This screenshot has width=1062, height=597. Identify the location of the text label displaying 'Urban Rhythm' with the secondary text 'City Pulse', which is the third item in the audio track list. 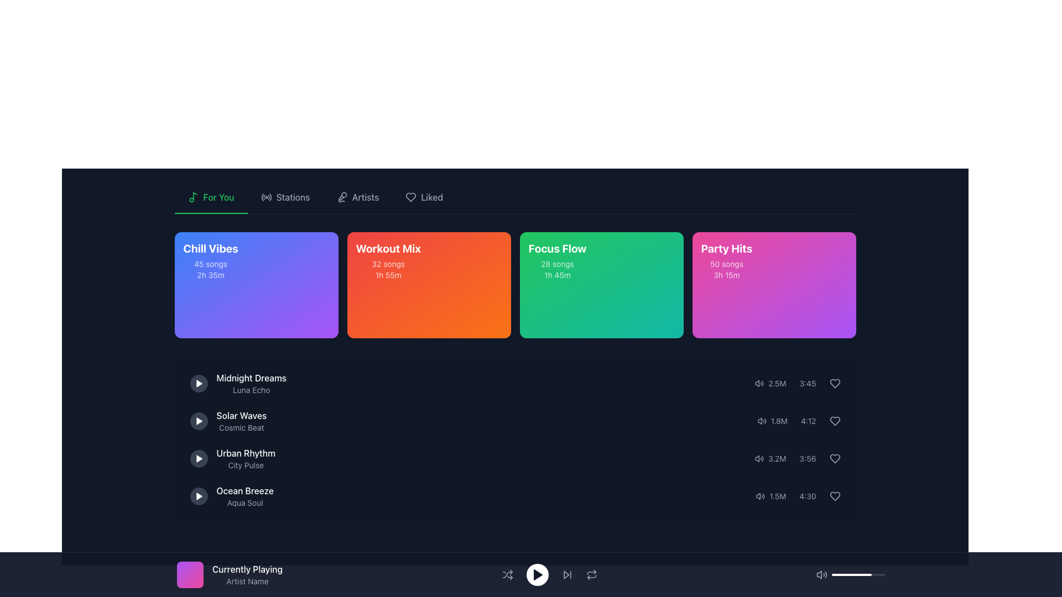
(232, 458).